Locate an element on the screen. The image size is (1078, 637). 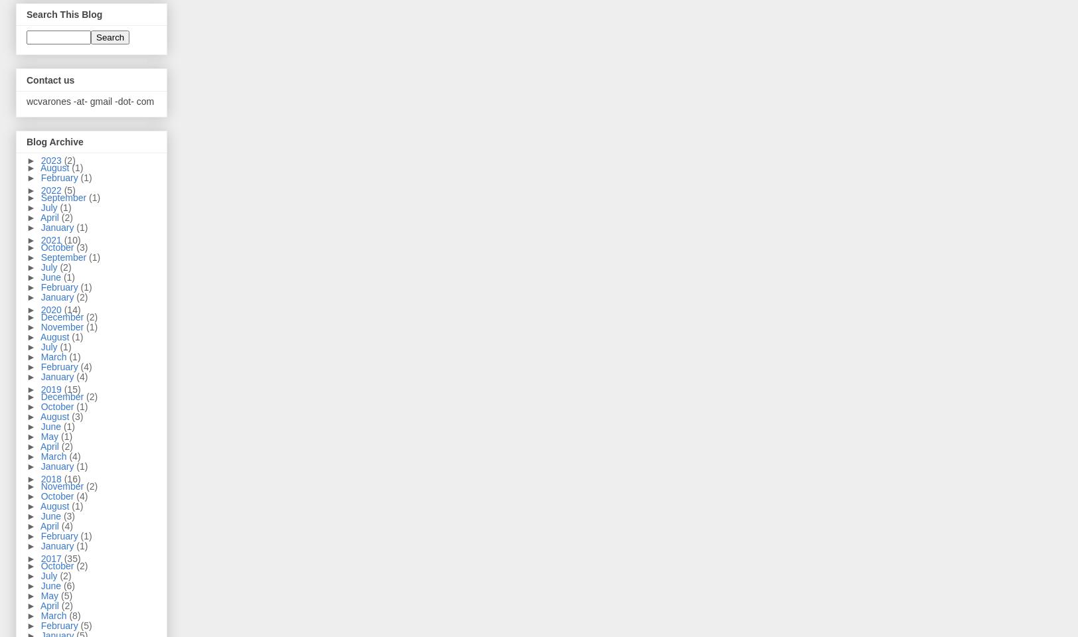
'wcvarones -at- gmail -dot- com' is located at coordinates (90, 100).